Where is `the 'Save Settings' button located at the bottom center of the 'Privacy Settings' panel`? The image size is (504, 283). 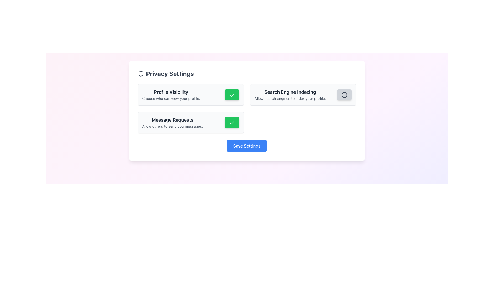
the 'Save Settings' button located at the bottom center of the 'Privacy Settings' panel is located at coordinates (246, 146).